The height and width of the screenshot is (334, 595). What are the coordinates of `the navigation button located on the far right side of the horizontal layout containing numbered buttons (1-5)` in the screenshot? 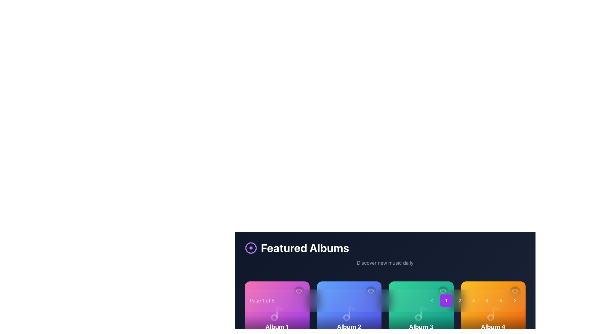 It's located at (515, 300).